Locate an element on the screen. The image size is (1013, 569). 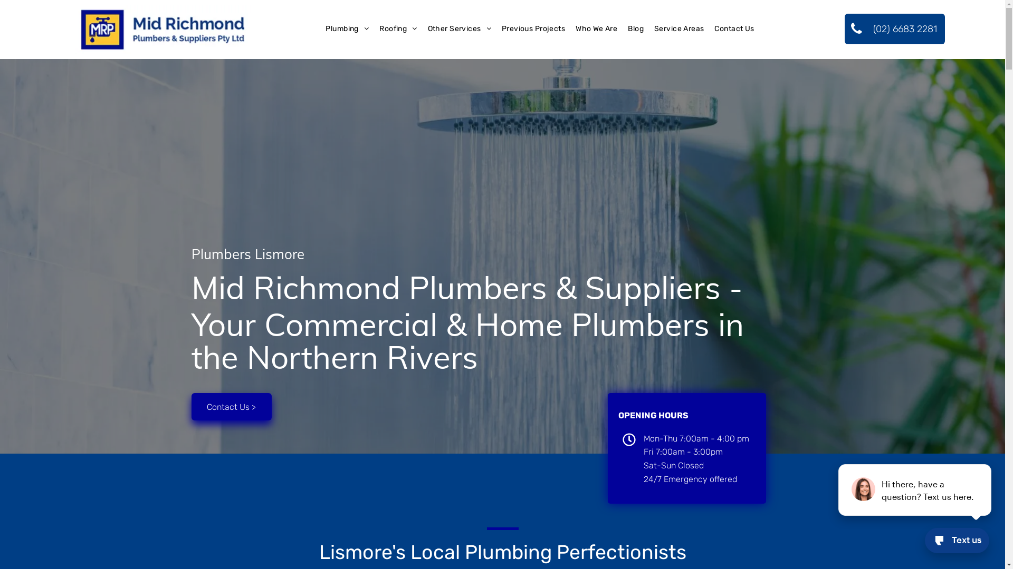
'Service Areas' is located at coordinates (648, 29).